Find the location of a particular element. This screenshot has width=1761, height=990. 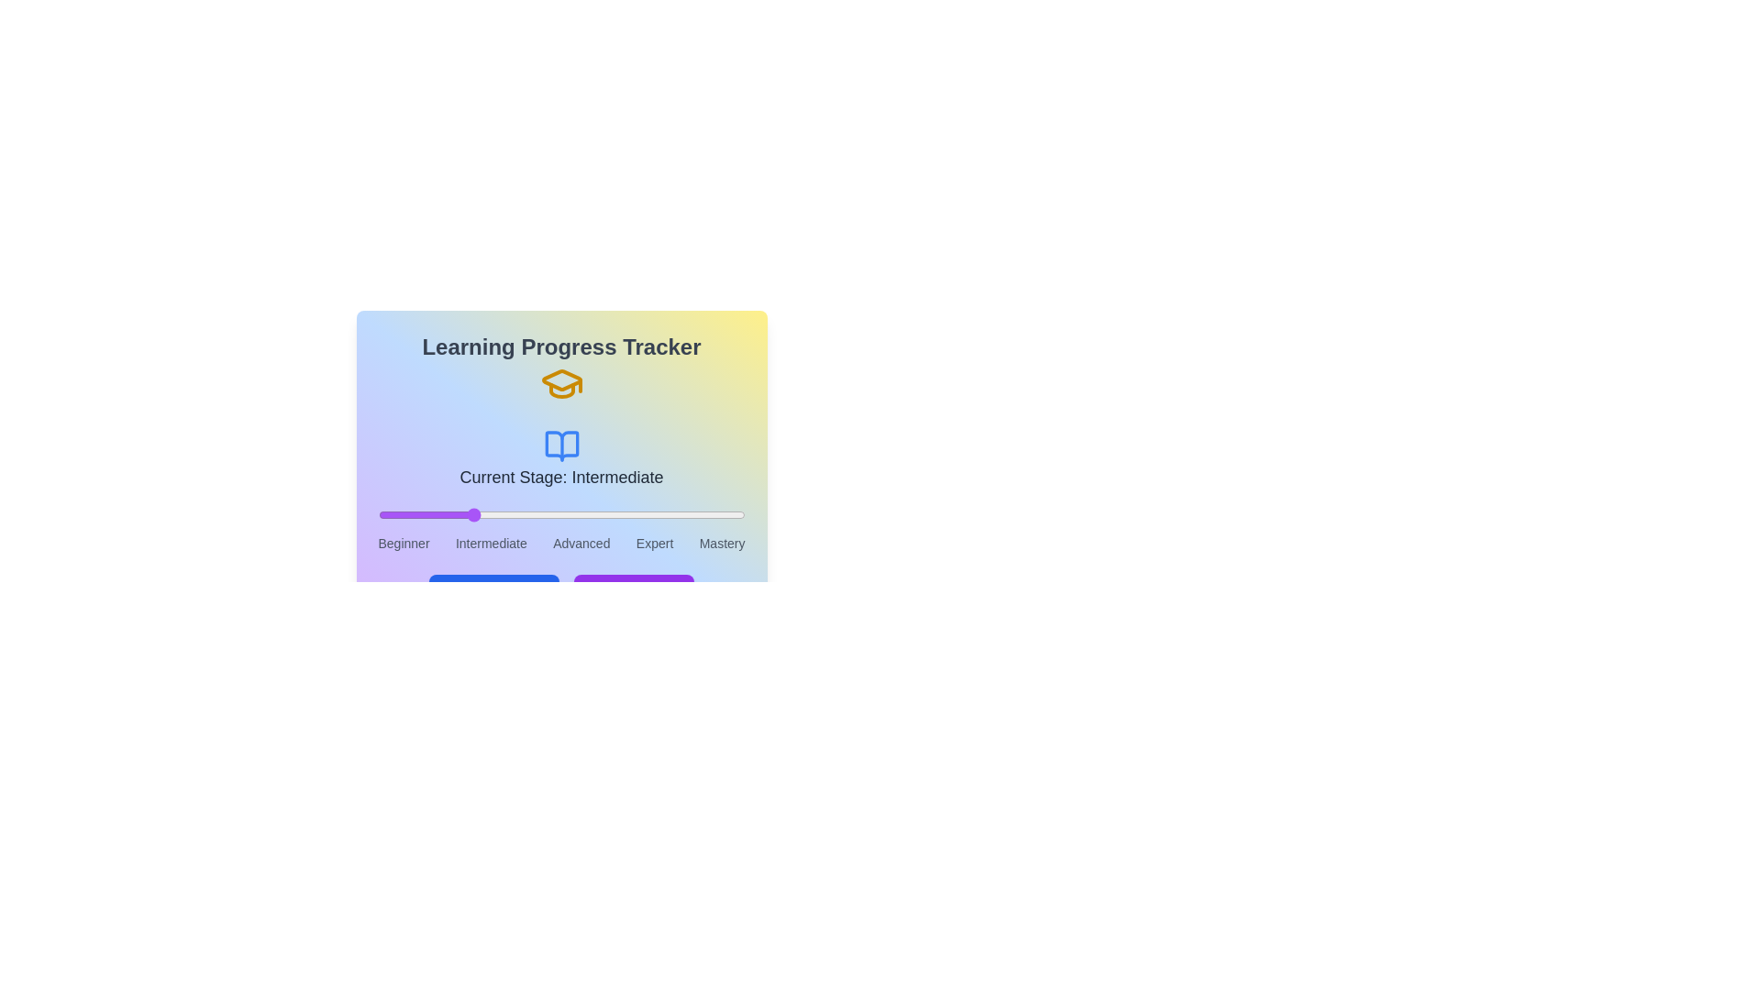

the progress slider to set the stage to 3 is located at coordinates (653, 515).